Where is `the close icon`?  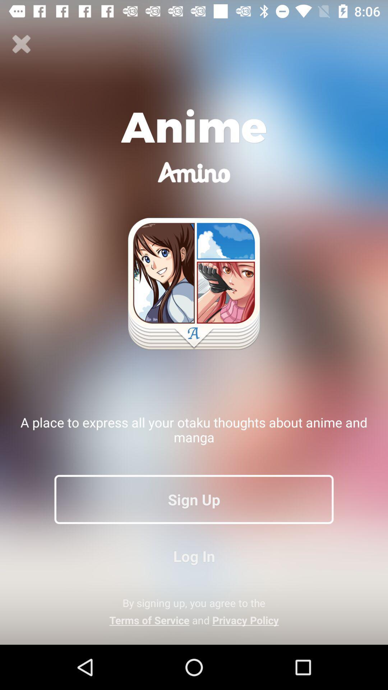
the close icon is located at coordinates (21, 44).